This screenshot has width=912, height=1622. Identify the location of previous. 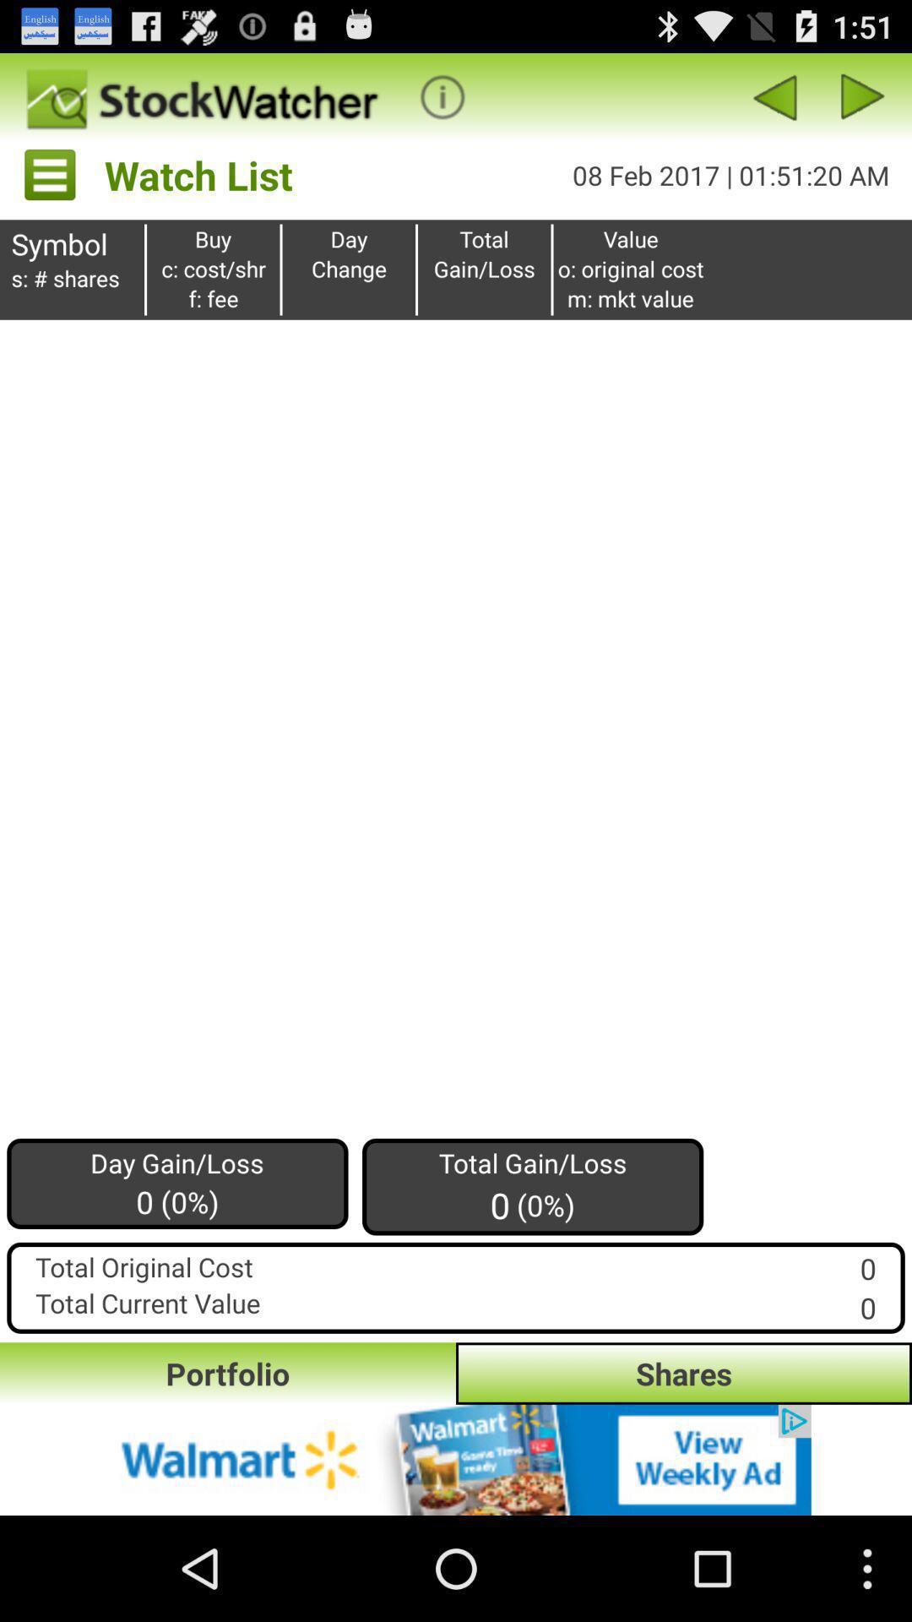
(774, 96).